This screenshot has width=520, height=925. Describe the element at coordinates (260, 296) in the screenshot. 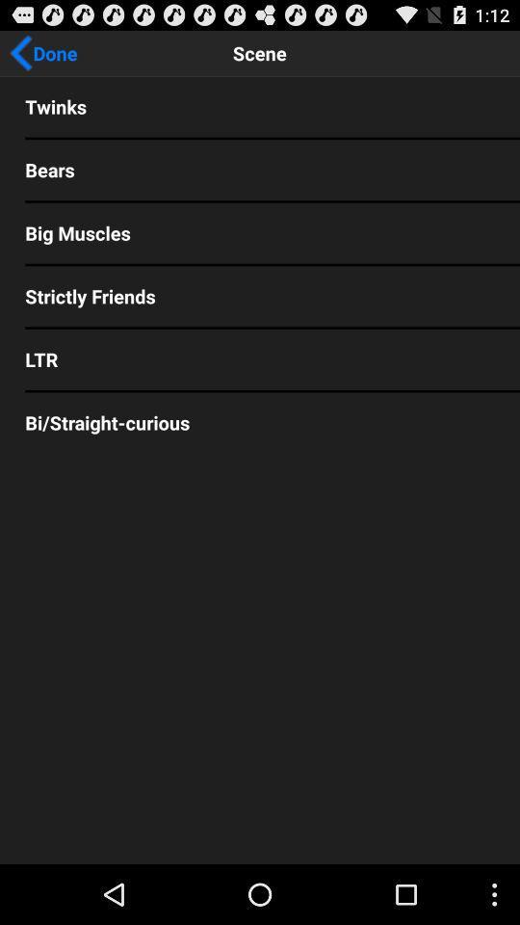

I see `strictly friends app` at that location.